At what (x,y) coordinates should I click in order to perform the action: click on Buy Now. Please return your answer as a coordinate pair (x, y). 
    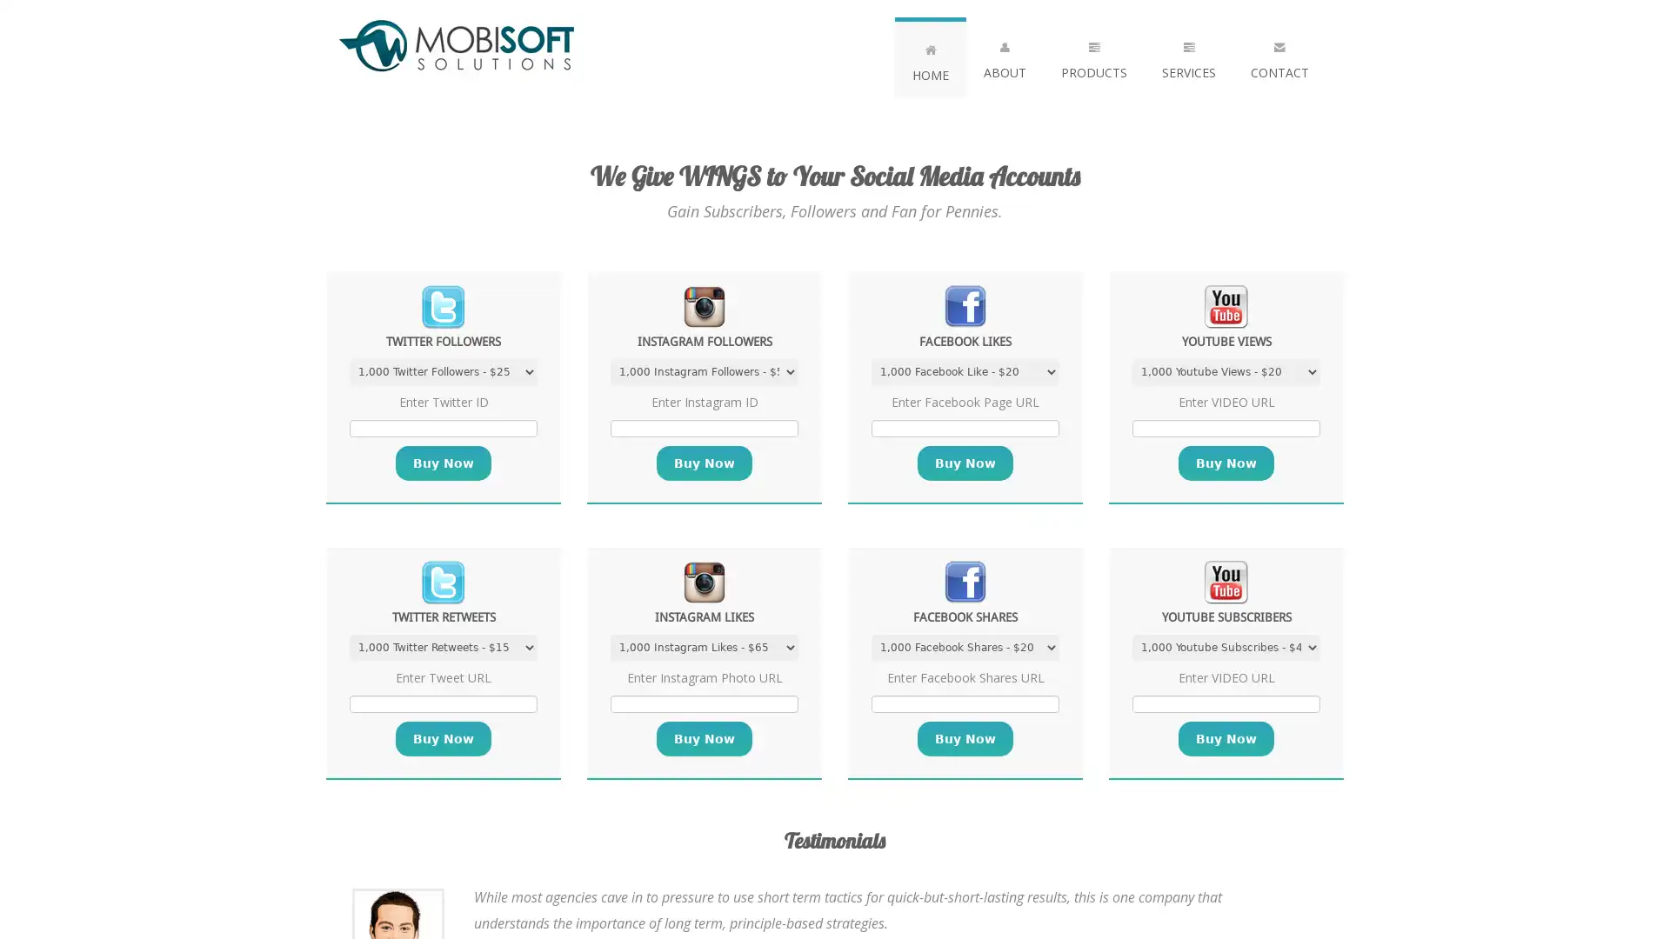
    Looking at the image, I should click on (705, 462).